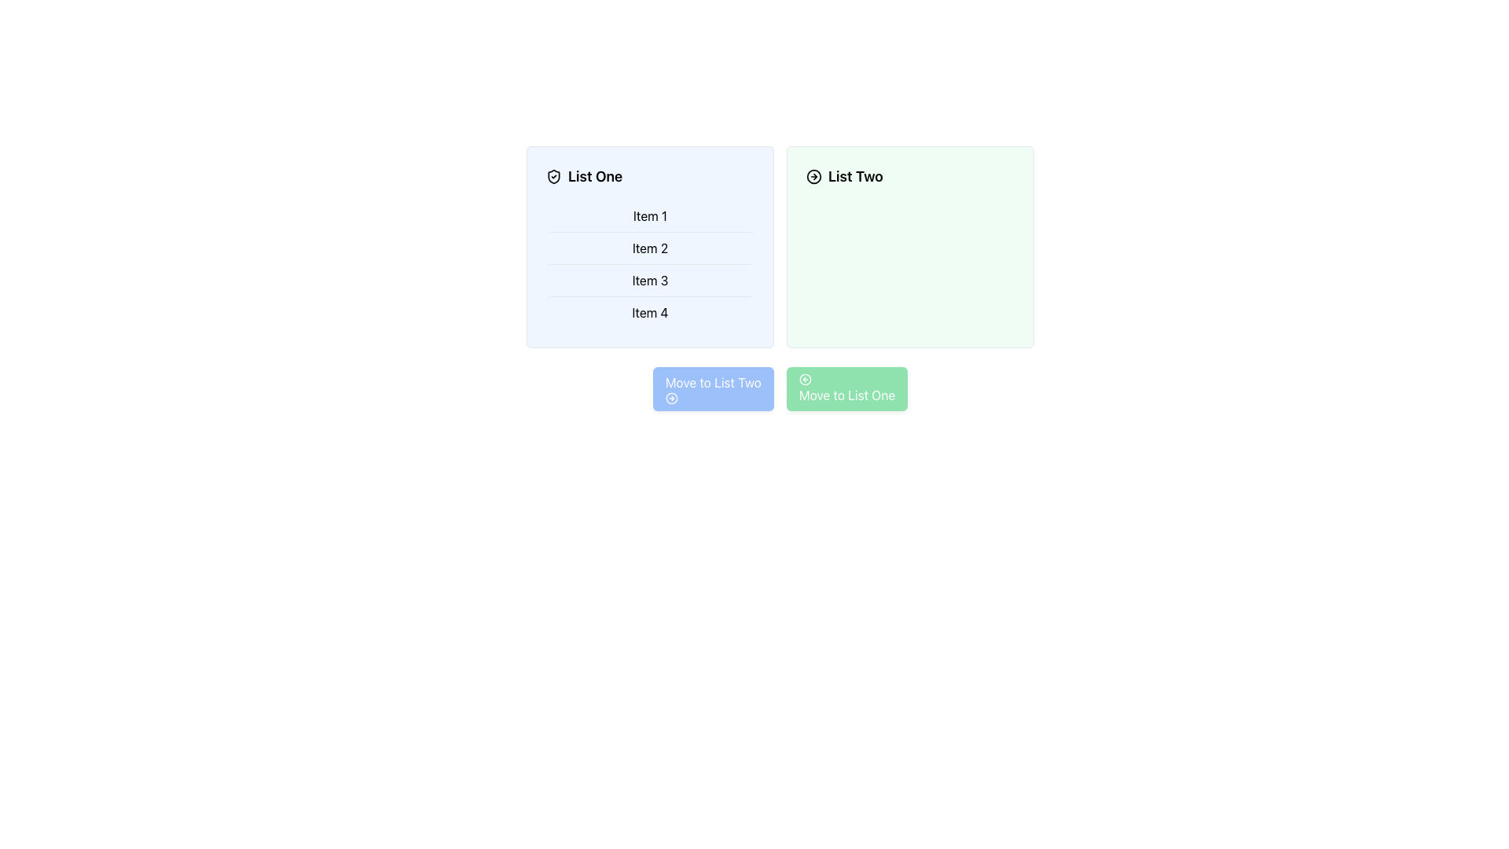 The height and width of the screenshot is (849, 1509). Describe the element at coordinates (650, 215) in the screenshot. I see `the first item in the selectable list titled 'List One', which is labeled 'Item 1'` at that location.